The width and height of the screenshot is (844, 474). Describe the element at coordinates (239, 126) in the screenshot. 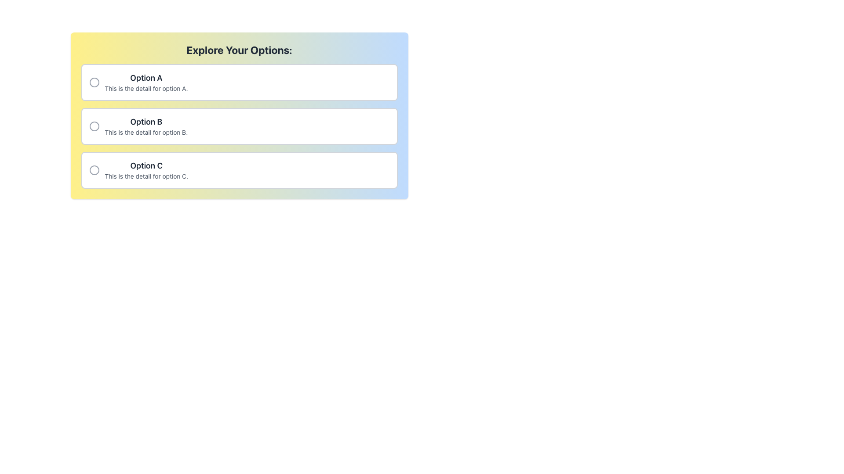

I see `the radio button for 'Option B', which is a selection option with a detailed description` at that location.